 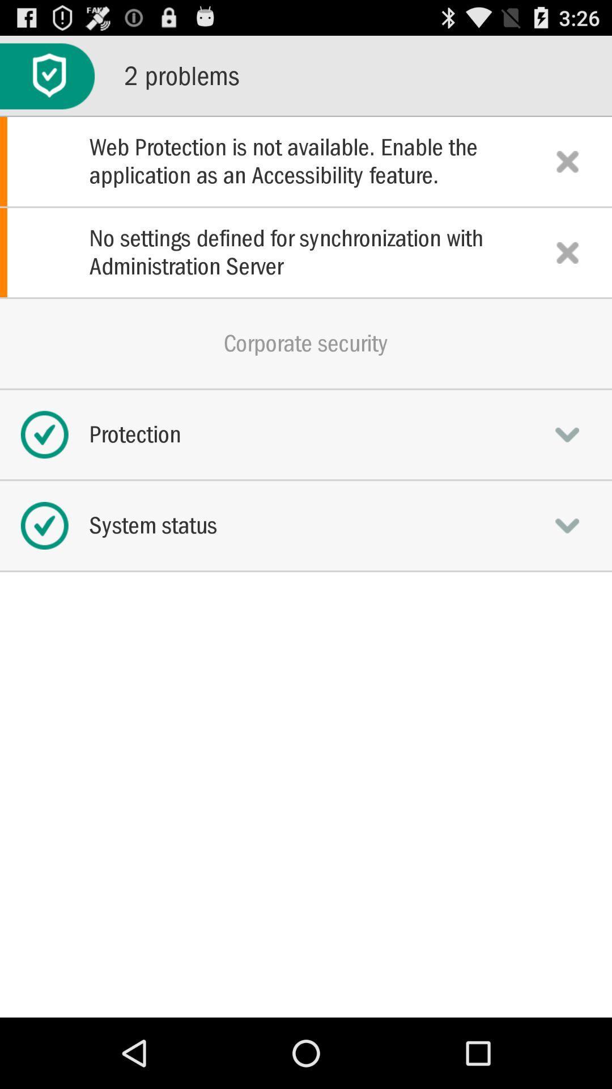 What do you see at coordinates (567, 252) in the screenshot?
I see `problem` at bounding box center [567, 252].